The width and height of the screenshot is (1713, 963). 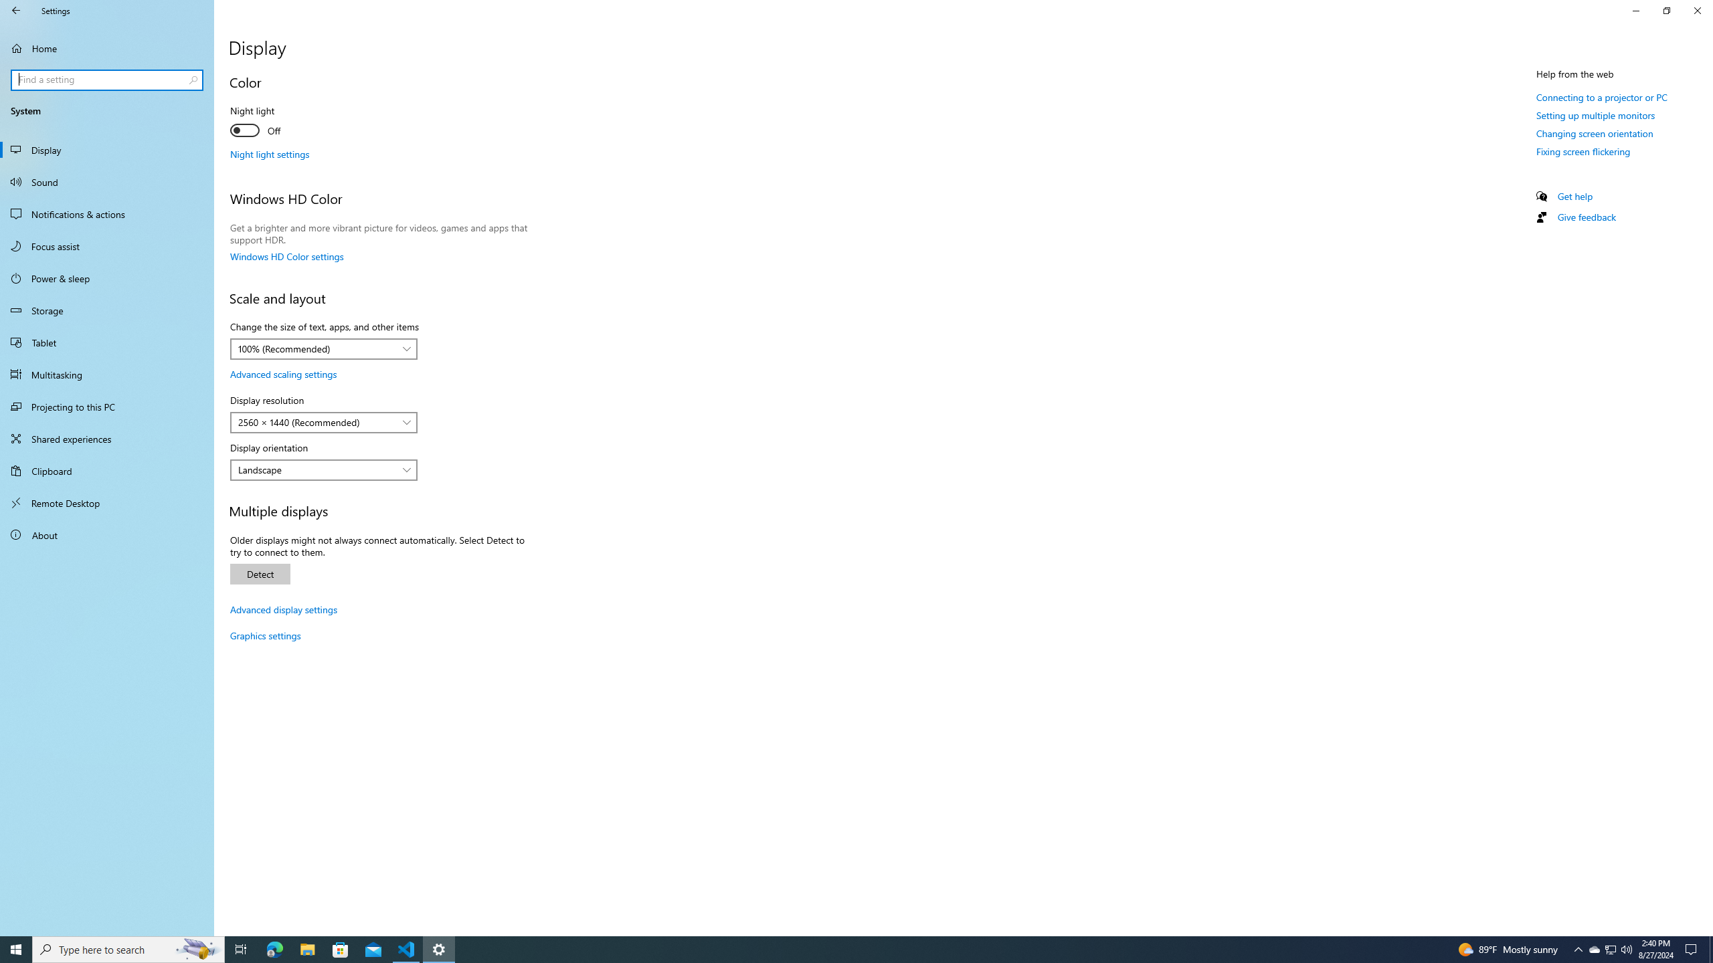 I want to click on 'Focus assist', so click(x=106, y=245).